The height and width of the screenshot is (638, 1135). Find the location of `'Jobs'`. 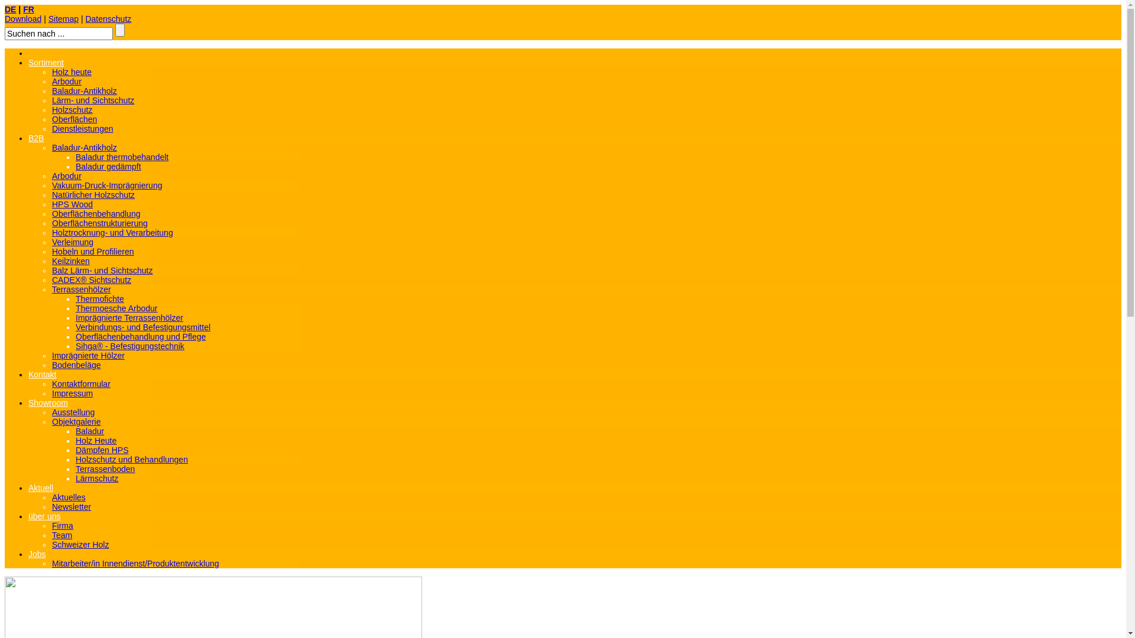

'Jobs' is located at coordinates (28, 554).